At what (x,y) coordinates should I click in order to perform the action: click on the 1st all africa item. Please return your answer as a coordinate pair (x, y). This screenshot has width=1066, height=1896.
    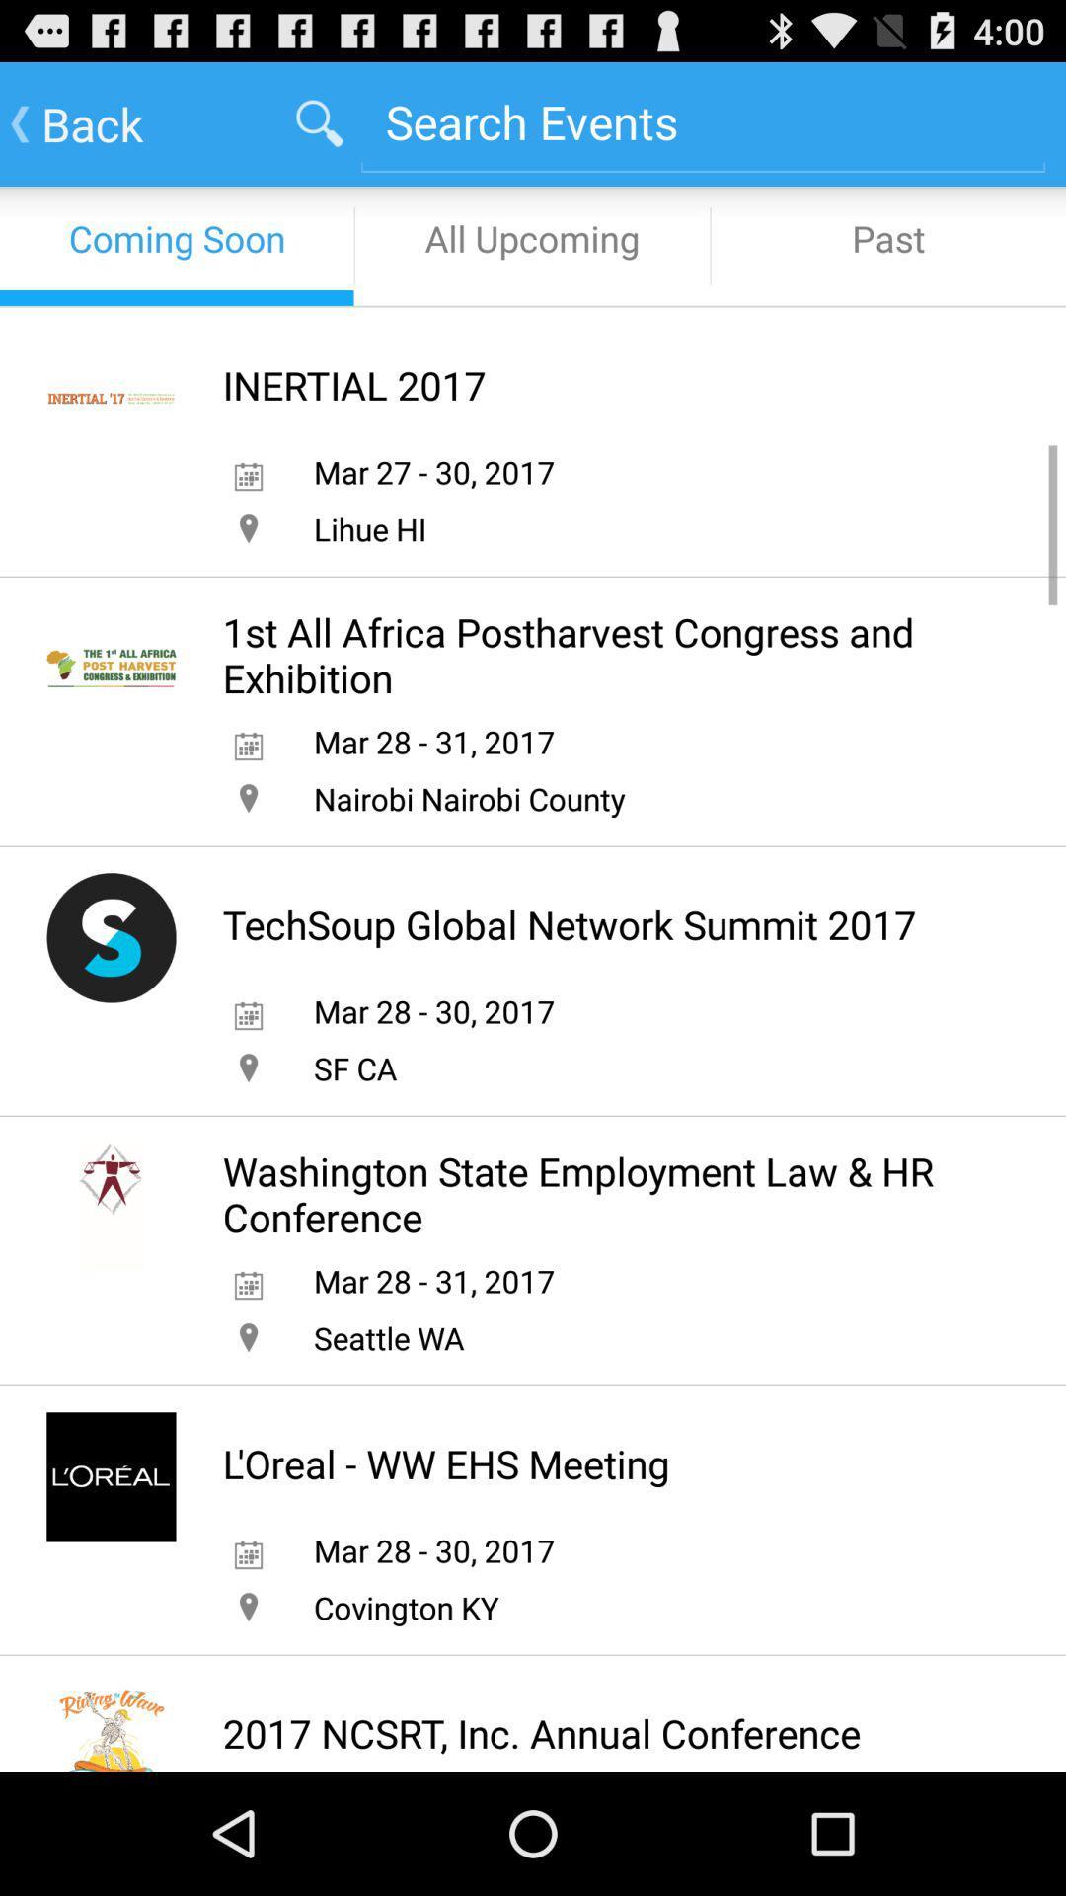
    Looking at the image, I should click on (601, 655).